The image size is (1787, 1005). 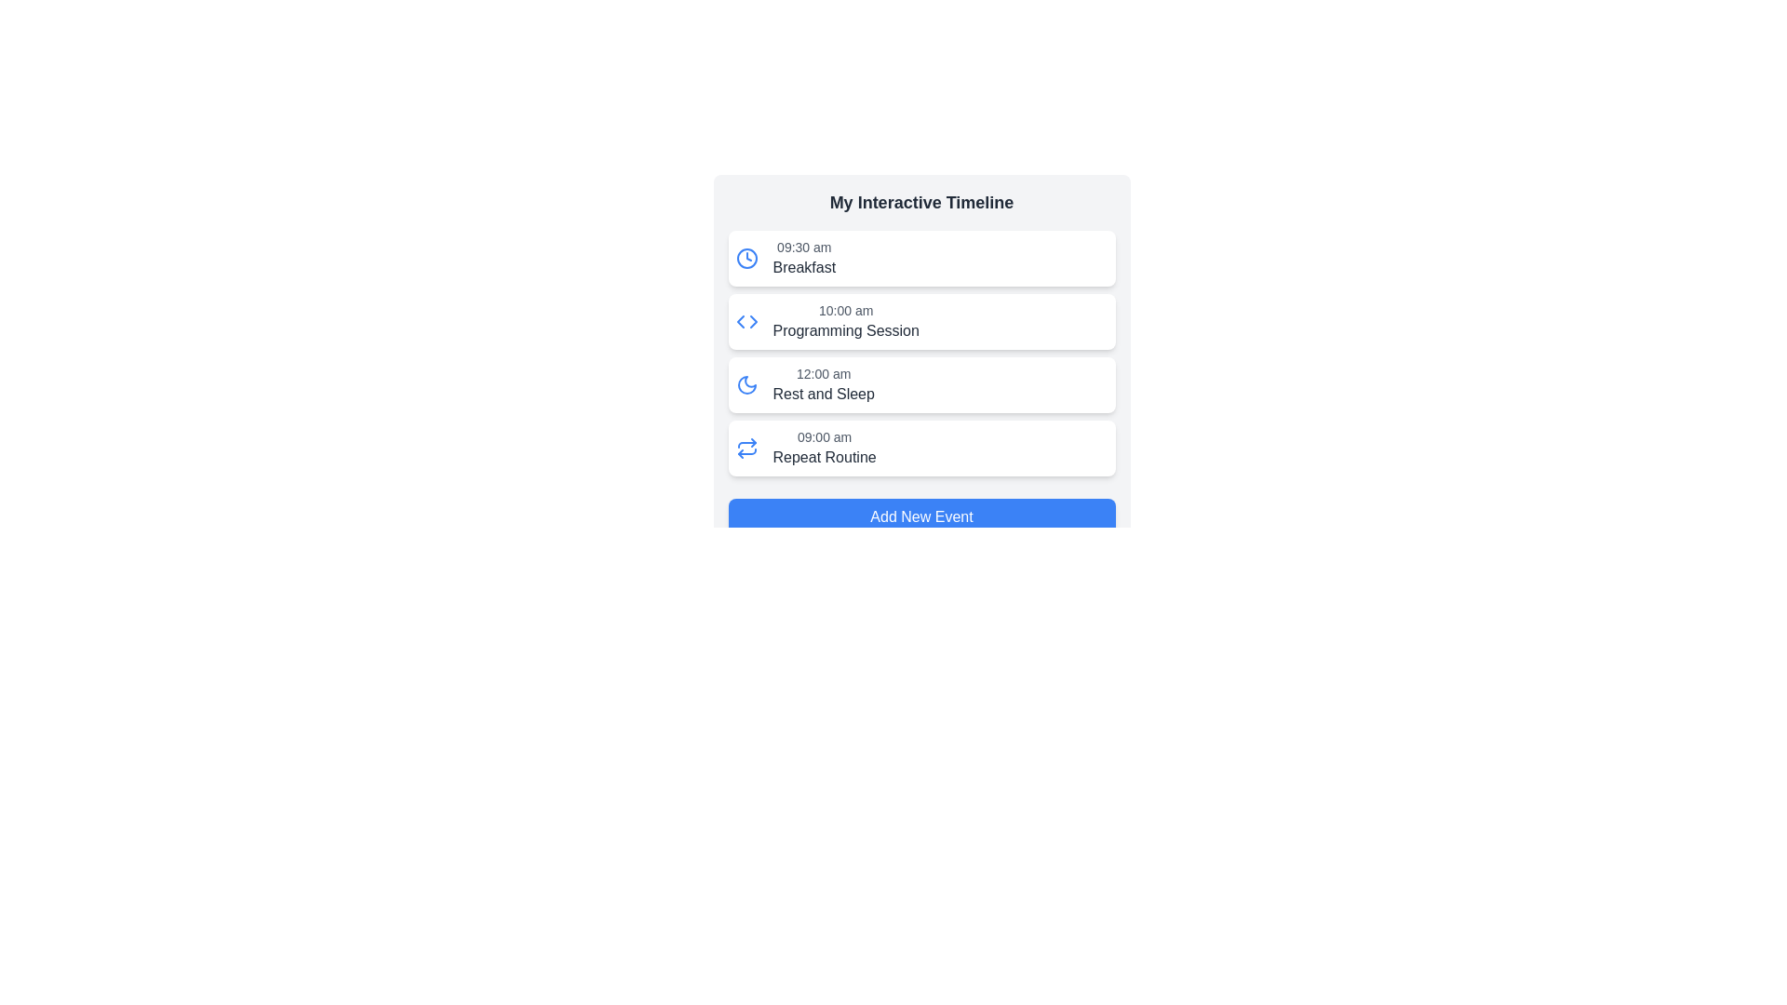 I want to click on the text label that indicates the start time for the 'Rest and Sleep' event in the timeline interface, so click(x=823, y=373).